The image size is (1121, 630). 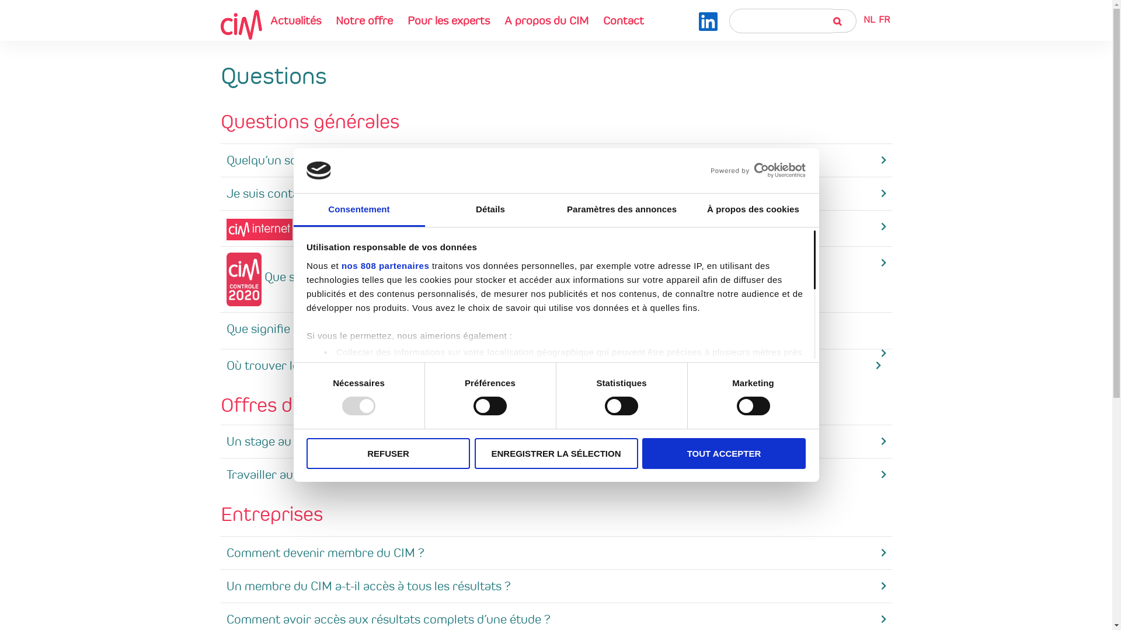 I want to click on 'A propos du CIM', so click(x=545, y=20).